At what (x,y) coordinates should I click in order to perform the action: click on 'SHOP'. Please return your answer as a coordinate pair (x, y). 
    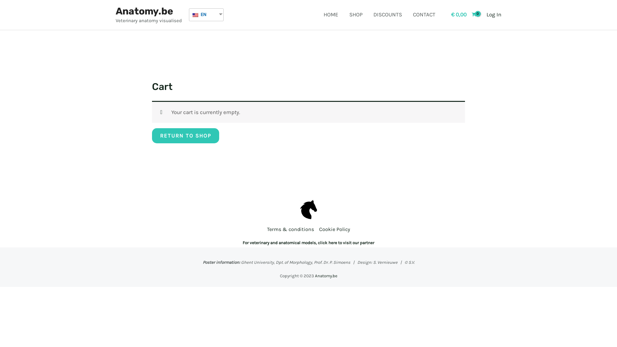
    Looking at the image, I should click on (344, 14).